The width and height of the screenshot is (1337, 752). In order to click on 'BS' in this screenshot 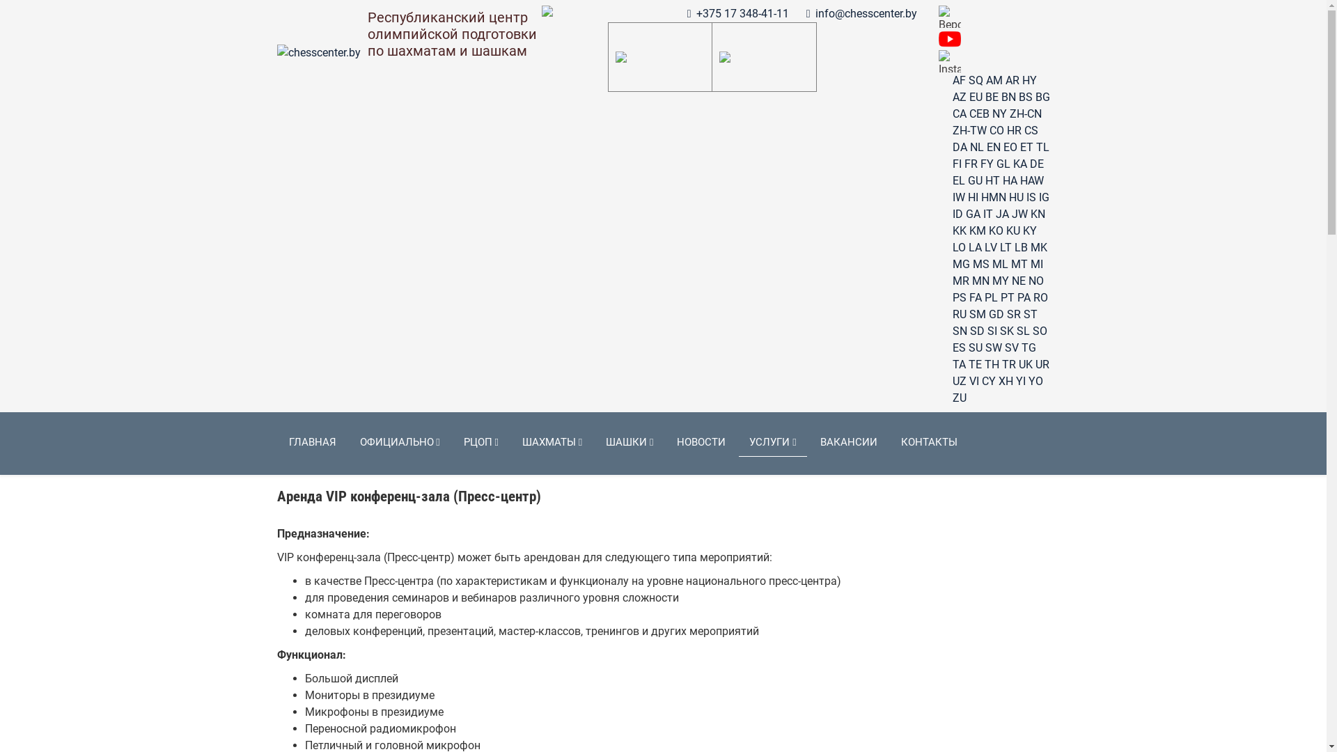, I will do `click(1018, 96)`.